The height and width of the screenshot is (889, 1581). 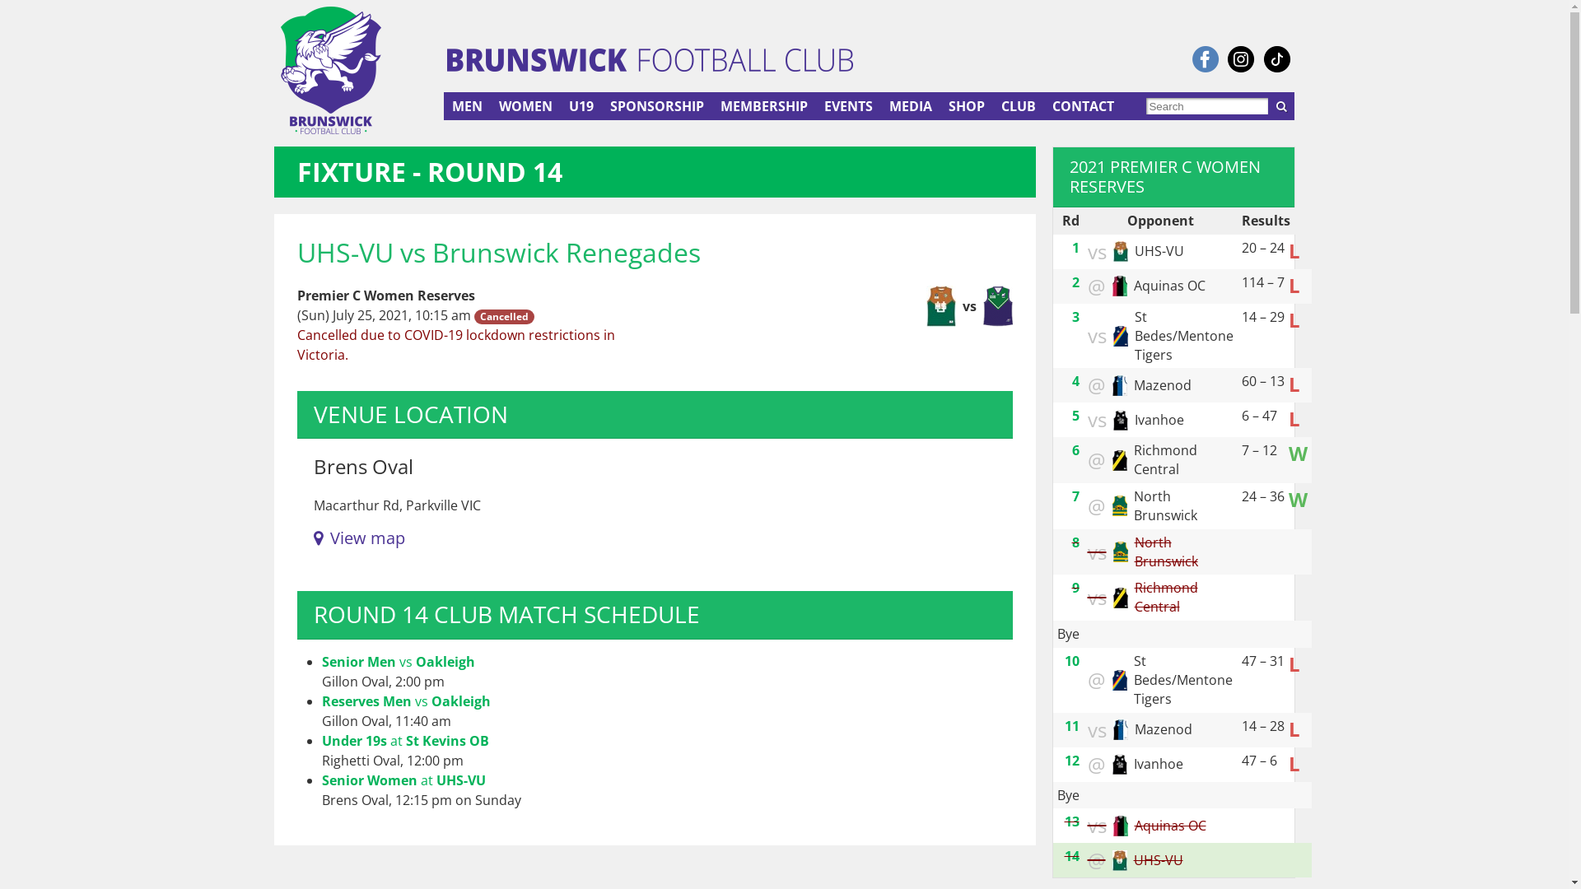 I want to click on 'MEMBERSHIP', so click(x=763, y=105).